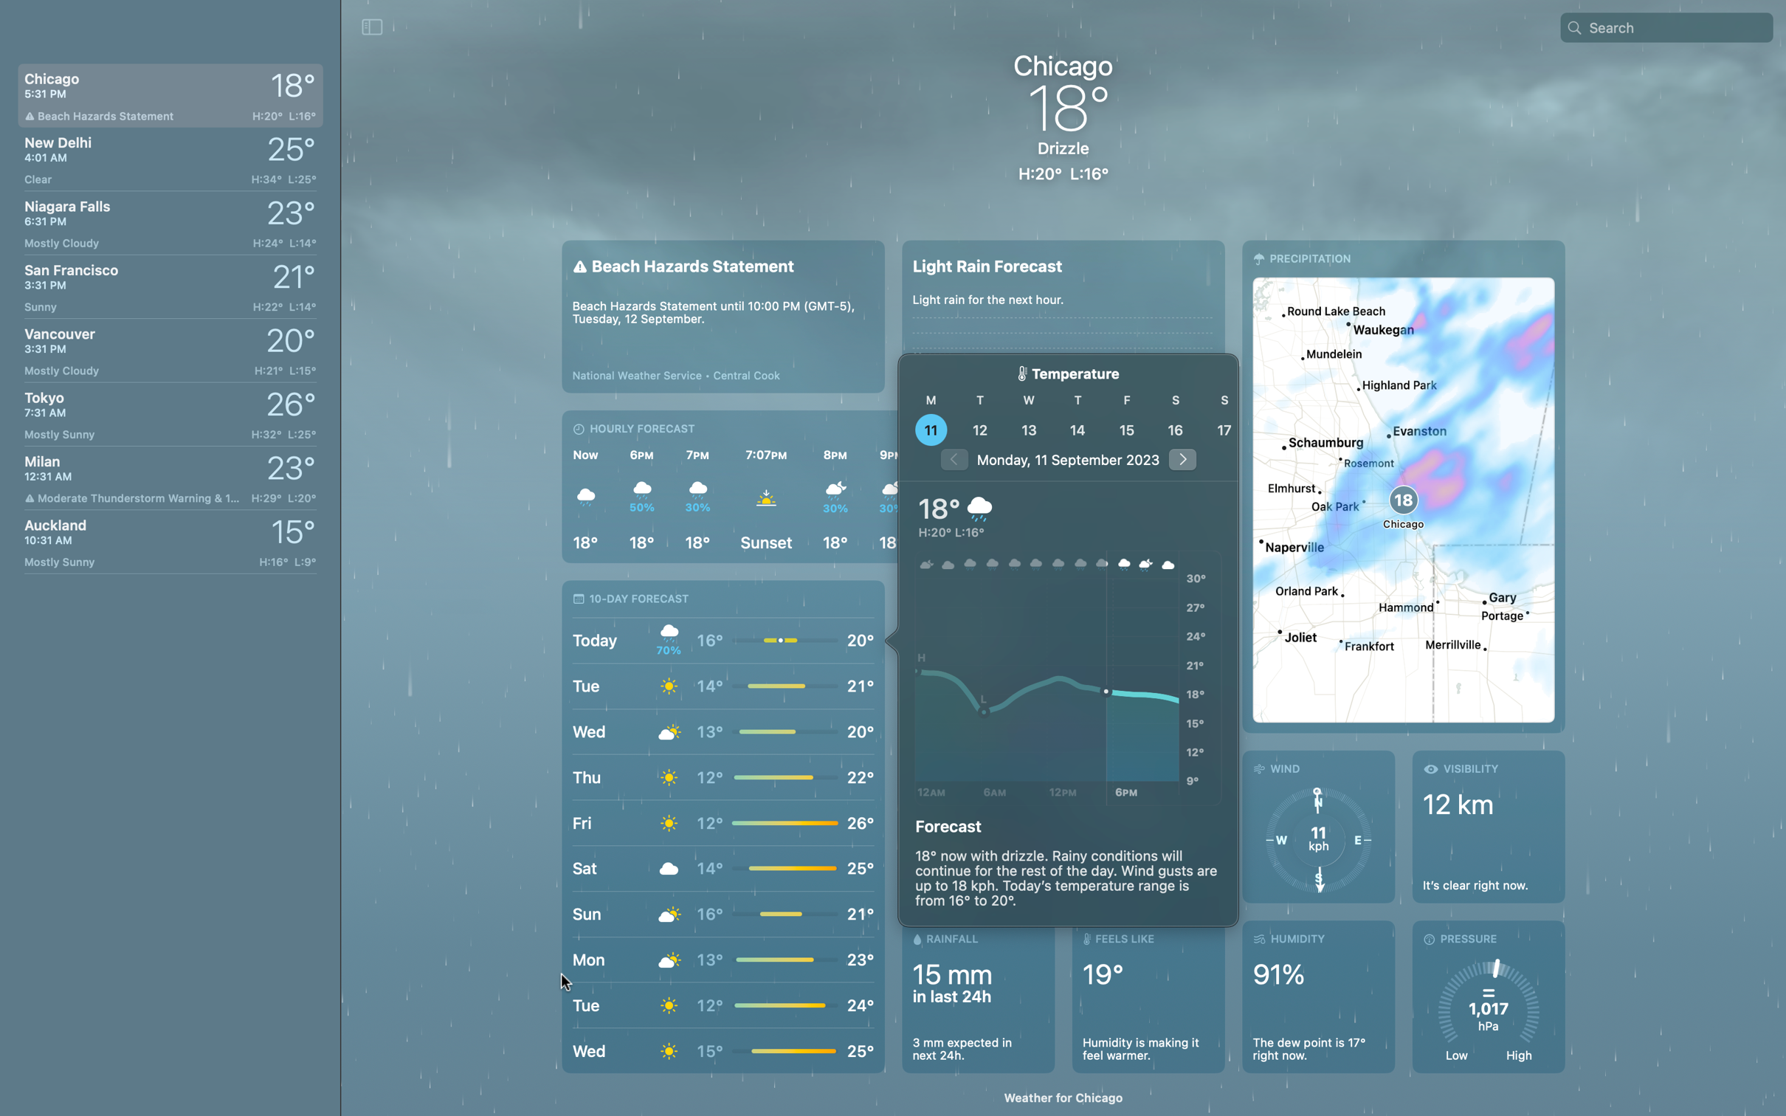  What do you see at coordinates (1181, 458) in the screenshot?
I see `What is the weather after 5 days by clicking arrow buttons` at bounding box center [1181, 458].